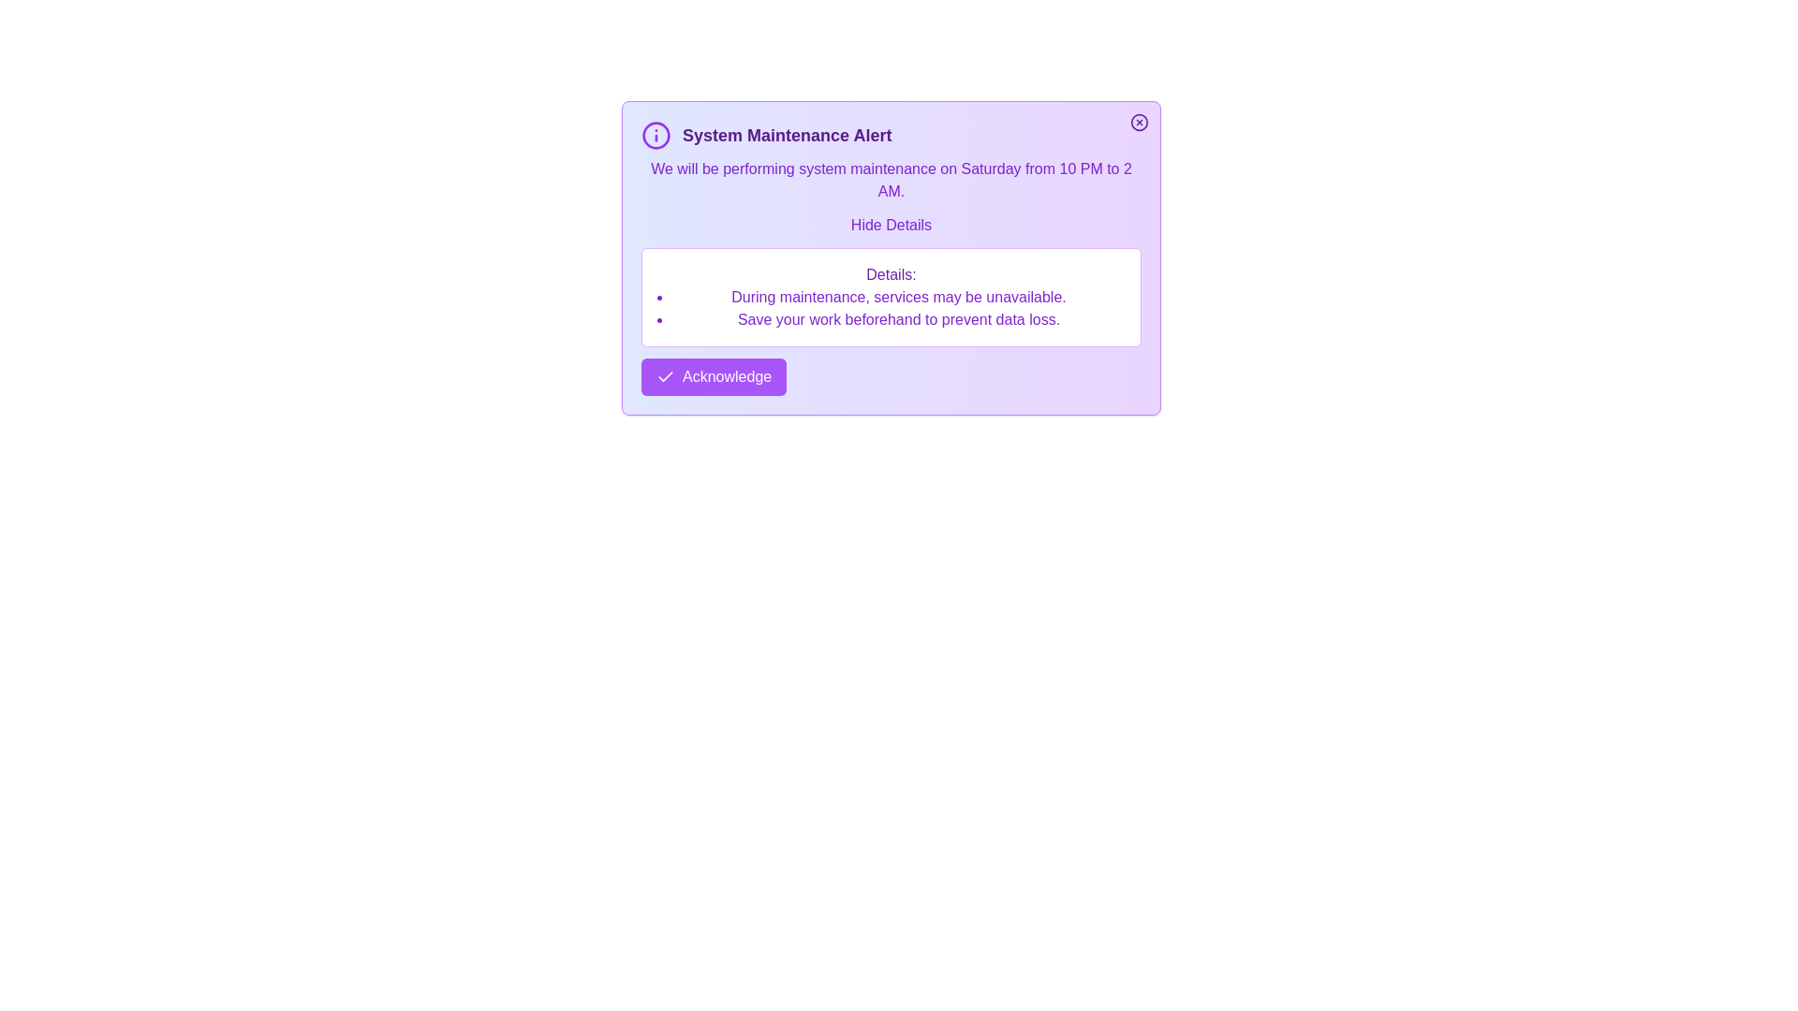 The width and height of the screenshot is (1798, 1011). I want to click on the 'Hide Details' button to hide the additional details, so click(890, 224).